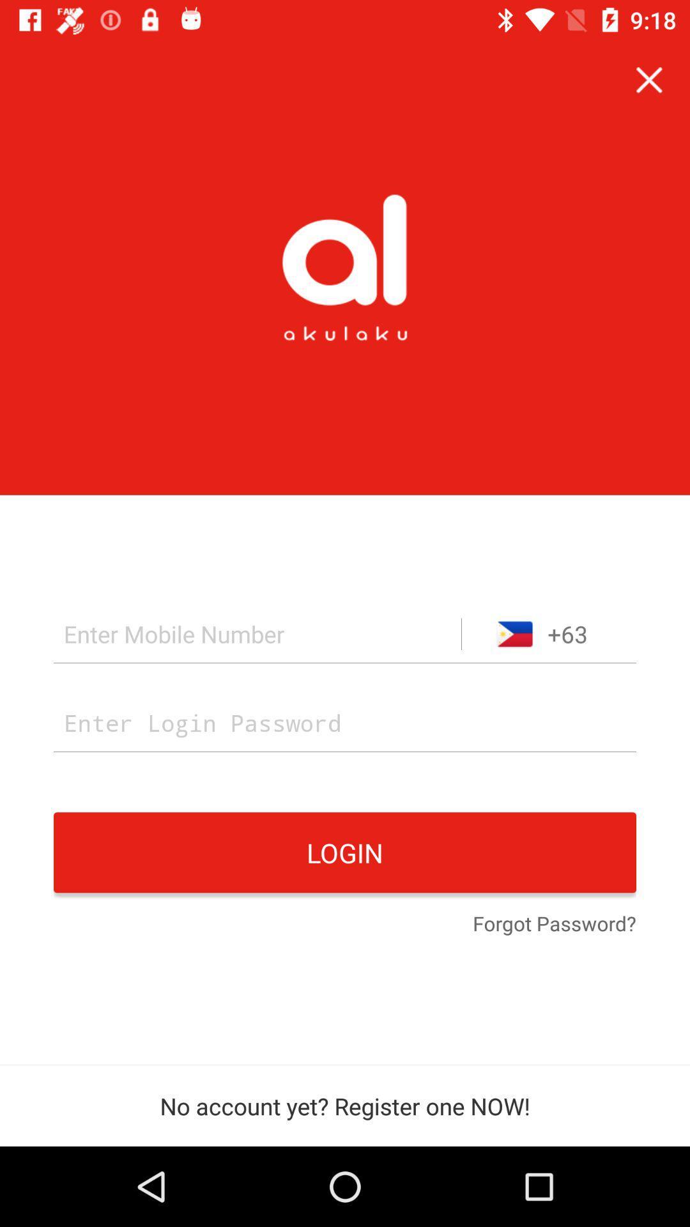  I want to click on item above the forgot password? item, so click(345, 853).